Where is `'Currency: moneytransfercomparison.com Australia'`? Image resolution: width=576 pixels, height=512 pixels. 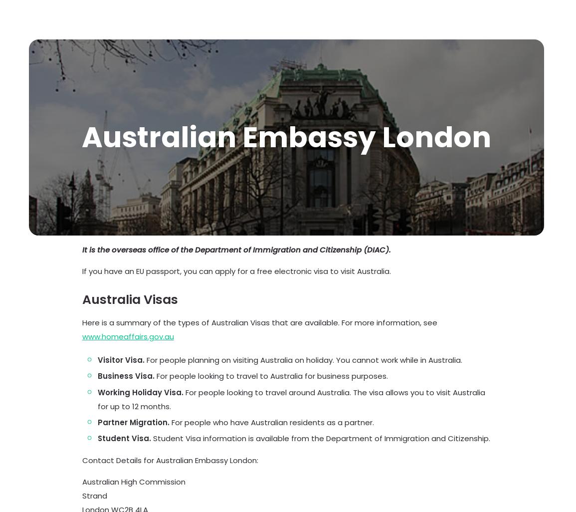 'Currency: moneytransfercomparison.com Australia' is located at coordinates (271, 427).